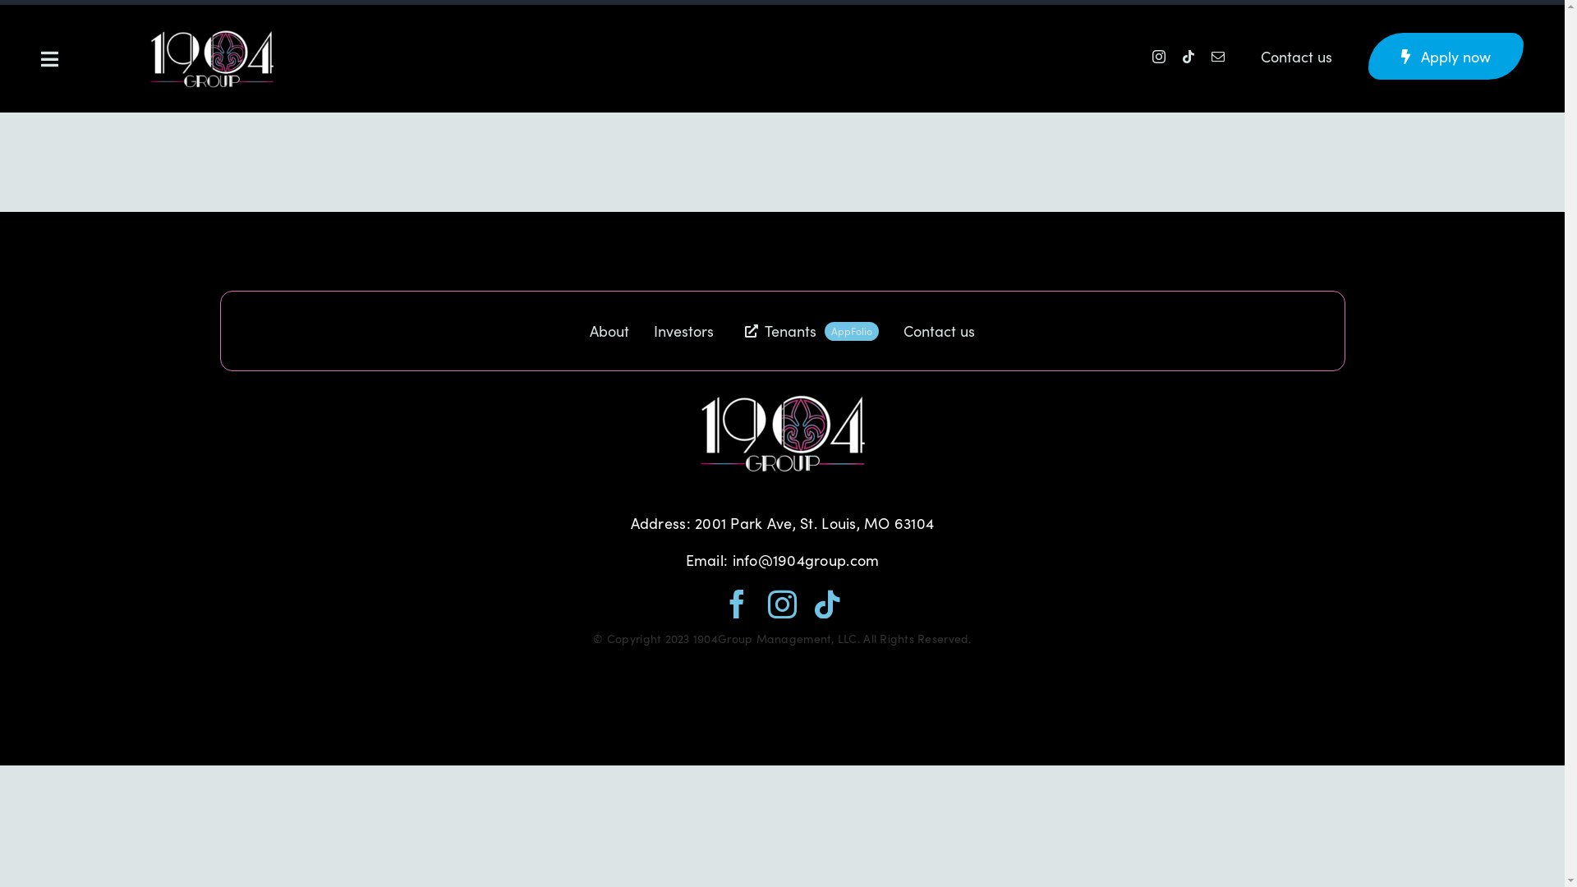  Describe the element at coordinates (939, 330) in the screenshot. I see `'Contact us'` at that location.